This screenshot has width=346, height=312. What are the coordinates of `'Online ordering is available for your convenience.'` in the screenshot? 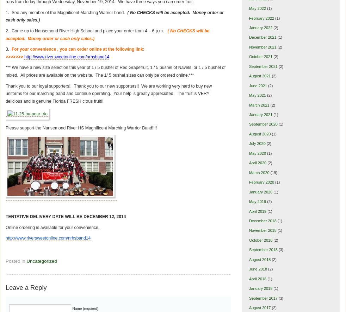 It's located at (52, 227).